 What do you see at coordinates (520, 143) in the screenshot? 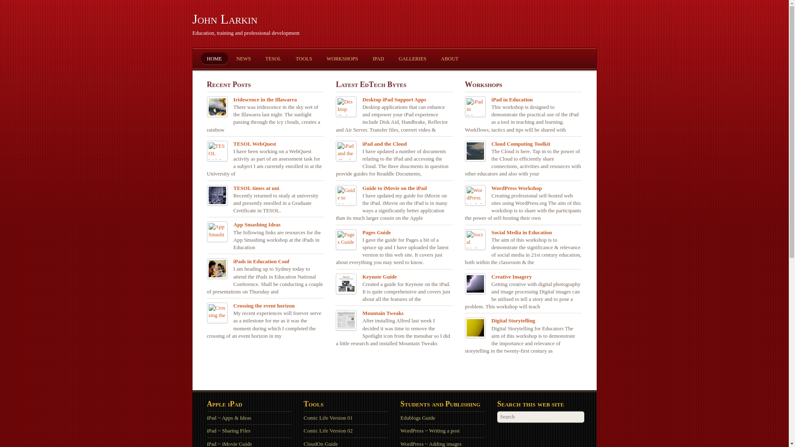
I see `'Cloud Computing Toolkit'` at bounding box center [520, 143].